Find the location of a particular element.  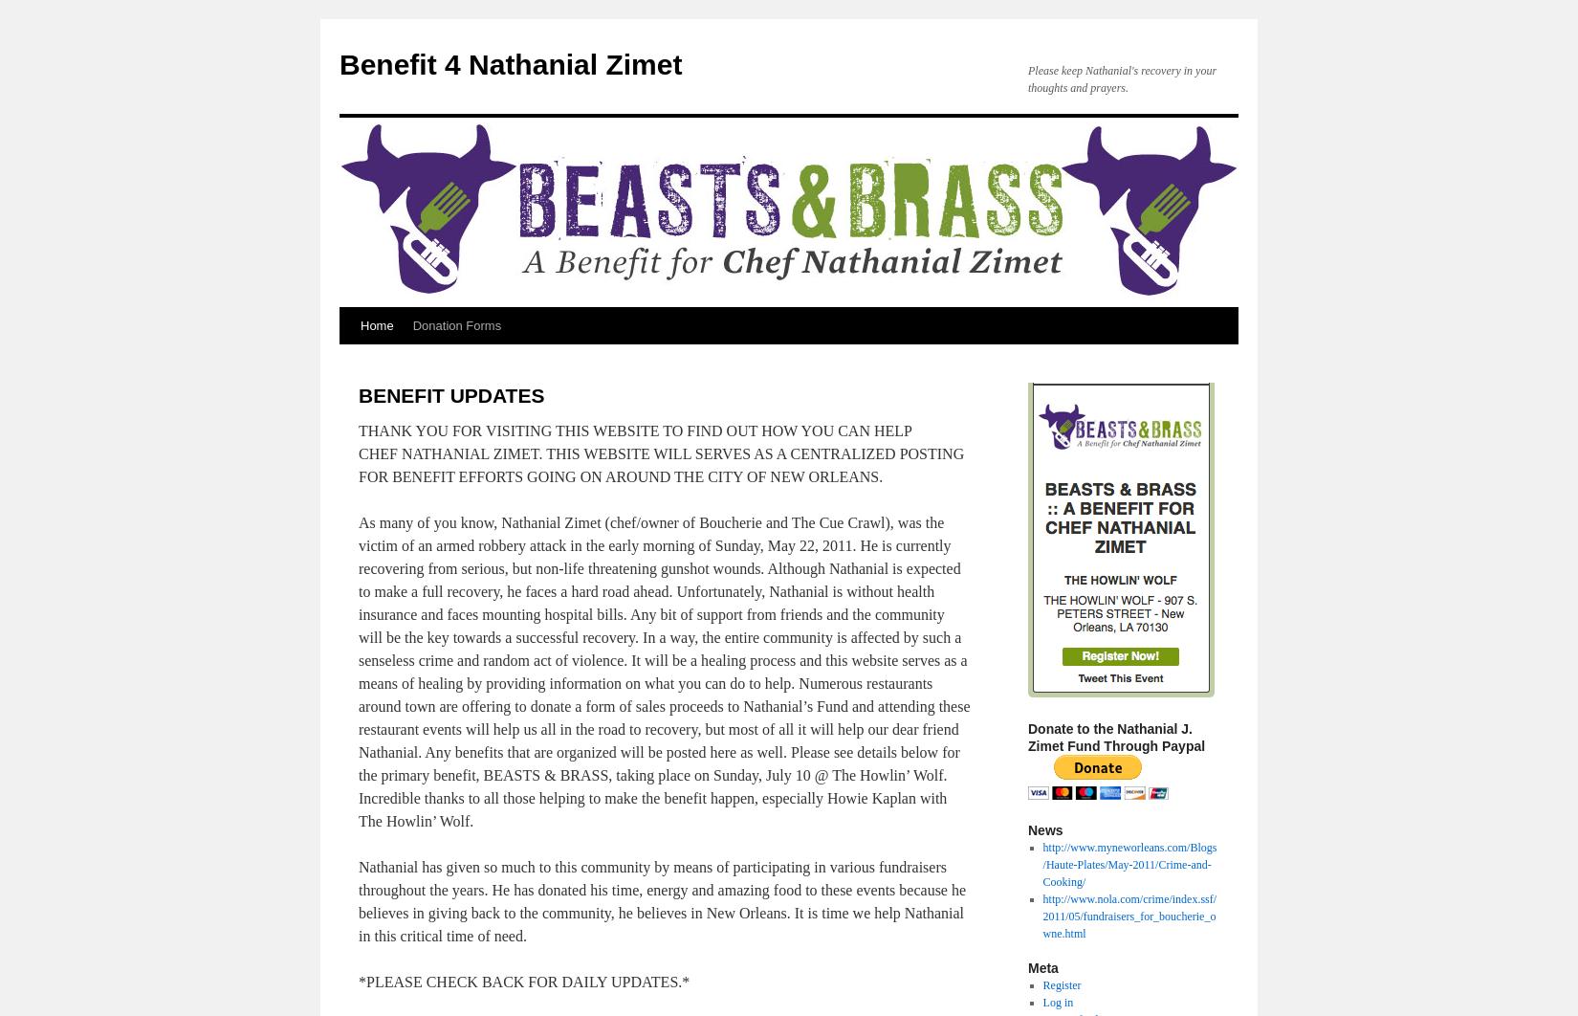

'*PLEASE CHECK BACK FOR DAILY UPDATES.*' is located at coordinates (522, 981).